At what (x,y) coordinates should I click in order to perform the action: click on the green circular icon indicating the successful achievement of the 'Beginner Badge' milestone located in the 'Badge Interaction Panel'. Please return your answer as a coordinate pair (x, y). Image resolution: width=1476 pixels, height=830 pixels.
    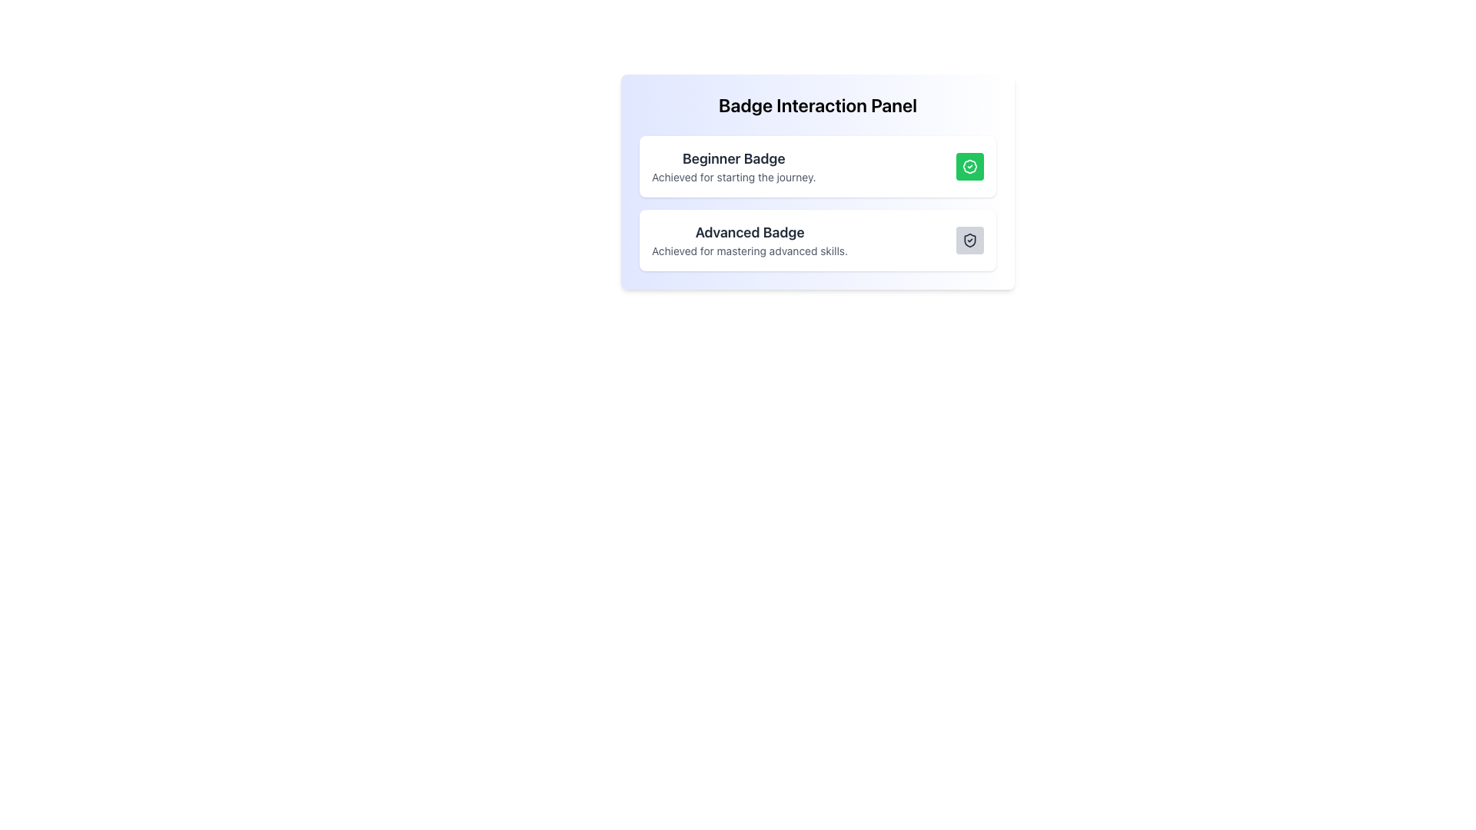
    Looking at the image, I should click on (969, 166).